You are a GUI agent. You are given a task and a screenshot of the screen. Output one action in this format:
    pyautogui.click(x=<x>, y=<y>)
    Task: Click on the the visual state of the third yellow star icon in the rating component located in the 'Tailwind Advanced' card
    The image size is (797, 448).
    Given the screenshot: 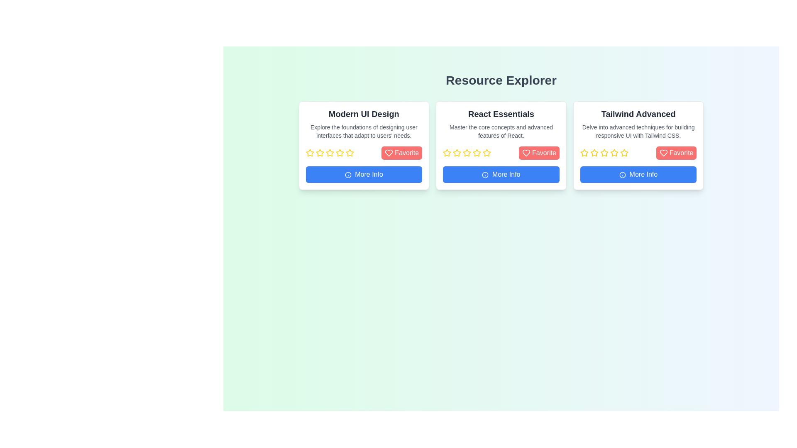 What is the action you would take?
    pyautogui.click(x=604, y=153)
    